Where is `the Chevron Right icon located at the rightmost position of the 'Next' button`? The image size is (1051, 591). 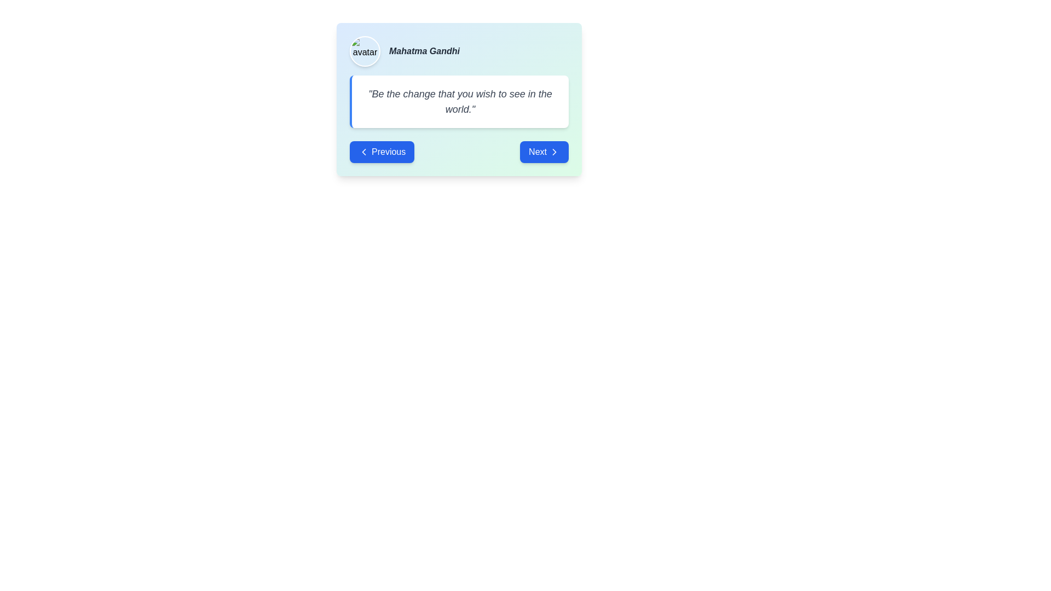
the Chevron Right icon located at the rightmost position of the 'Next' button is located at coordinates (554, 152).